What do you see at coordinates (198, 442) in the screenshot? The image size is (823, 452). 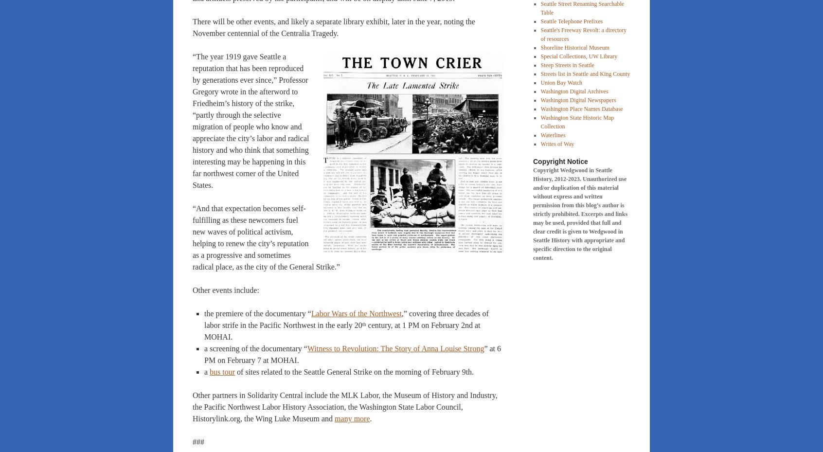 I see `'###'` at bounding box center [198, 442].